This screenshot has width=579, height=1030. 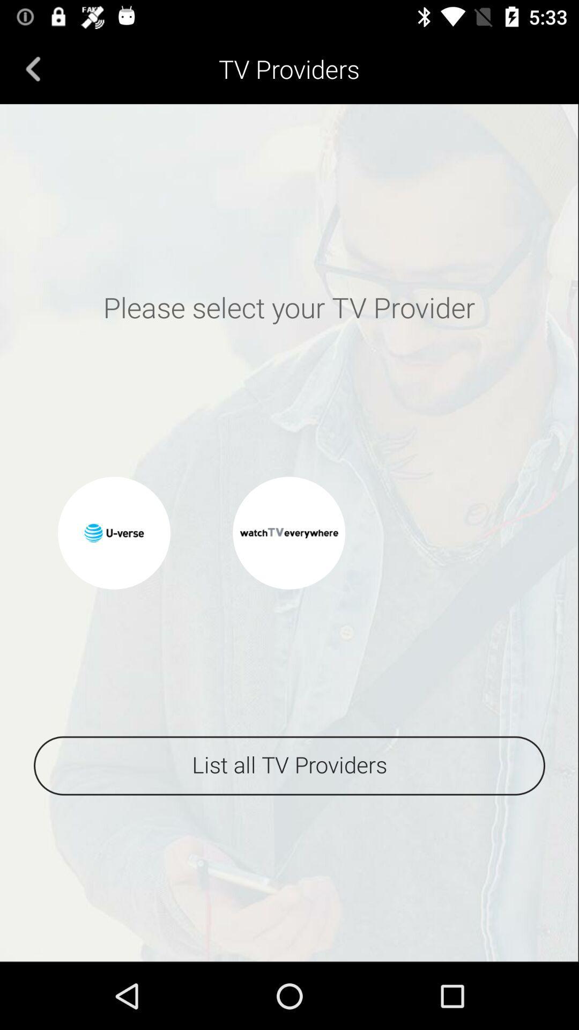 What do you see at coordinates (33, 68) in the screenshot?
I see `the arrow_backward icon` at bounding box center [33, 68].